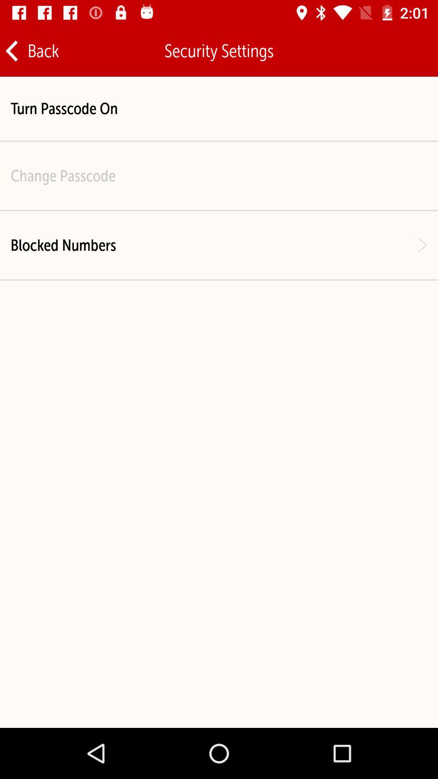 The image size is (438, 779). What do you see at coordinates (63, 245) in the screenshot?
I see `blocked numbers icon` at bounding box center [63, 245].